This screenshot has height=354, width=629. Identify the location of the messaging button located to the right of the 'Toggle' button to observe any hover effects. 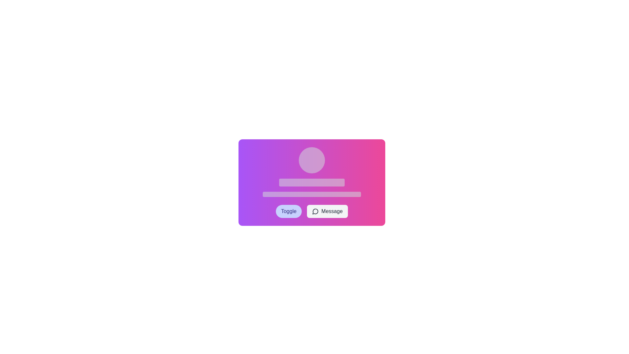
(327, 211).